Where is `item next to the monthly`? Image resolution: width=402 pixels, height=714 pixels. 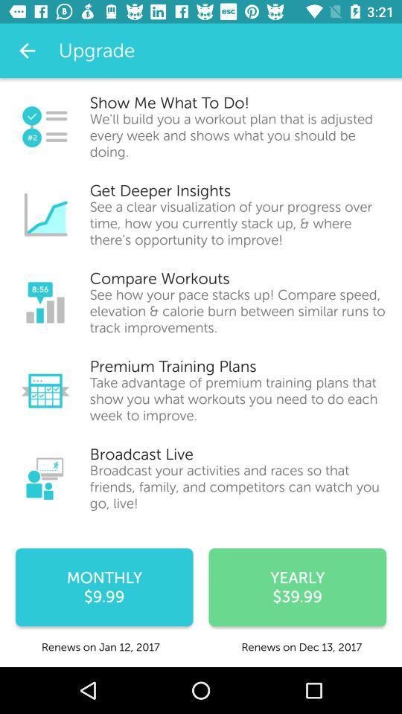 item next to the monthly is located at coordinates (297, 587).